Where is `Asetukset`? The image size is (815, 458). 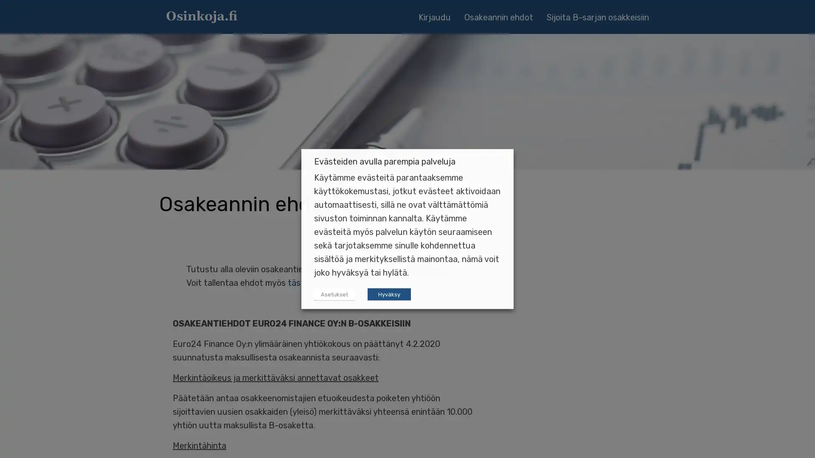 Asetukset is located at coordinates (334, 294).